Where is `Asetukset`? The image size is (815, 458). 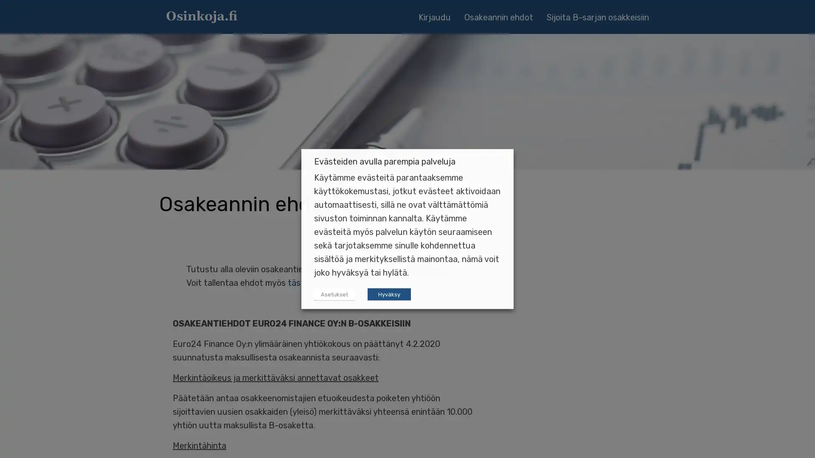 Asetukset is located at coordinates (334, 294).